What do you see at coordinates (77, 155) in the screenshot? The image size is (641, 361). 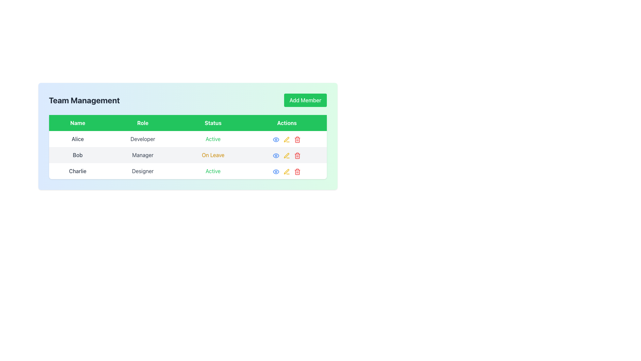 I see `to select the text 'Bob' located in the second row of the 'Name' column in the 'Team Management' table` at bounding box center [77, 155].